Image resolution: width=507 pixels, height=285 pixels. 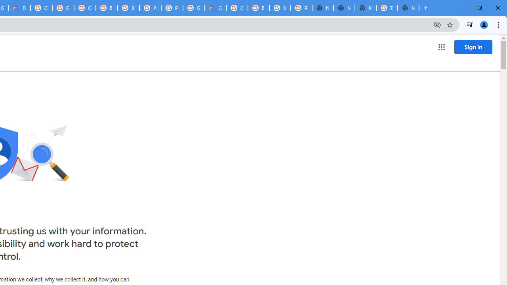 I want to click on 'Google Cloud Platform', so click(x=194, y=8).